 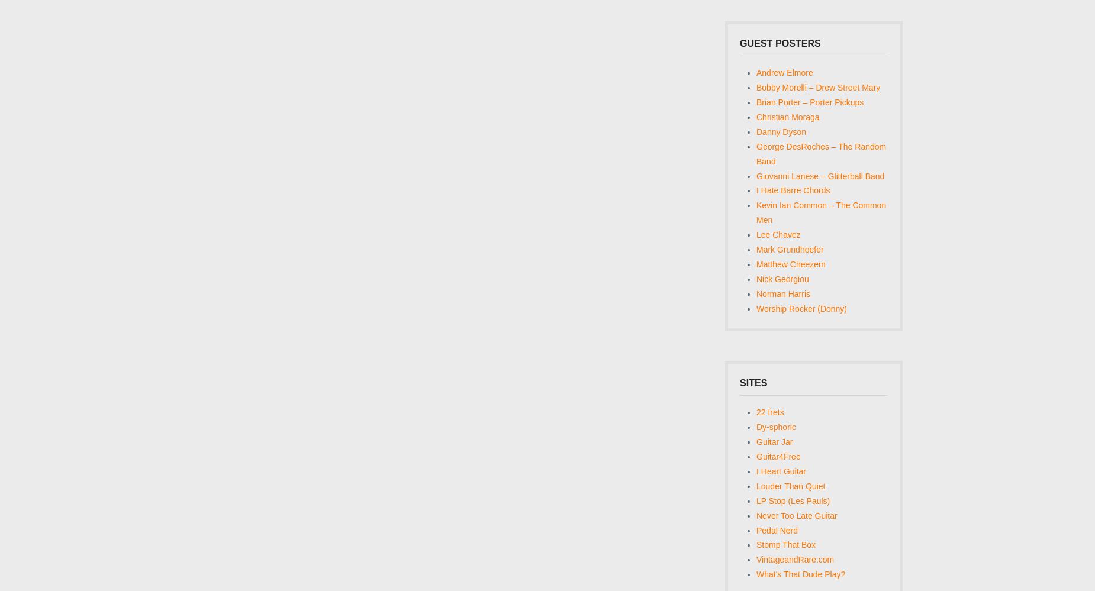 I want to click on 'LP Stop (Les Pauls)', so click(x=792, y=499).